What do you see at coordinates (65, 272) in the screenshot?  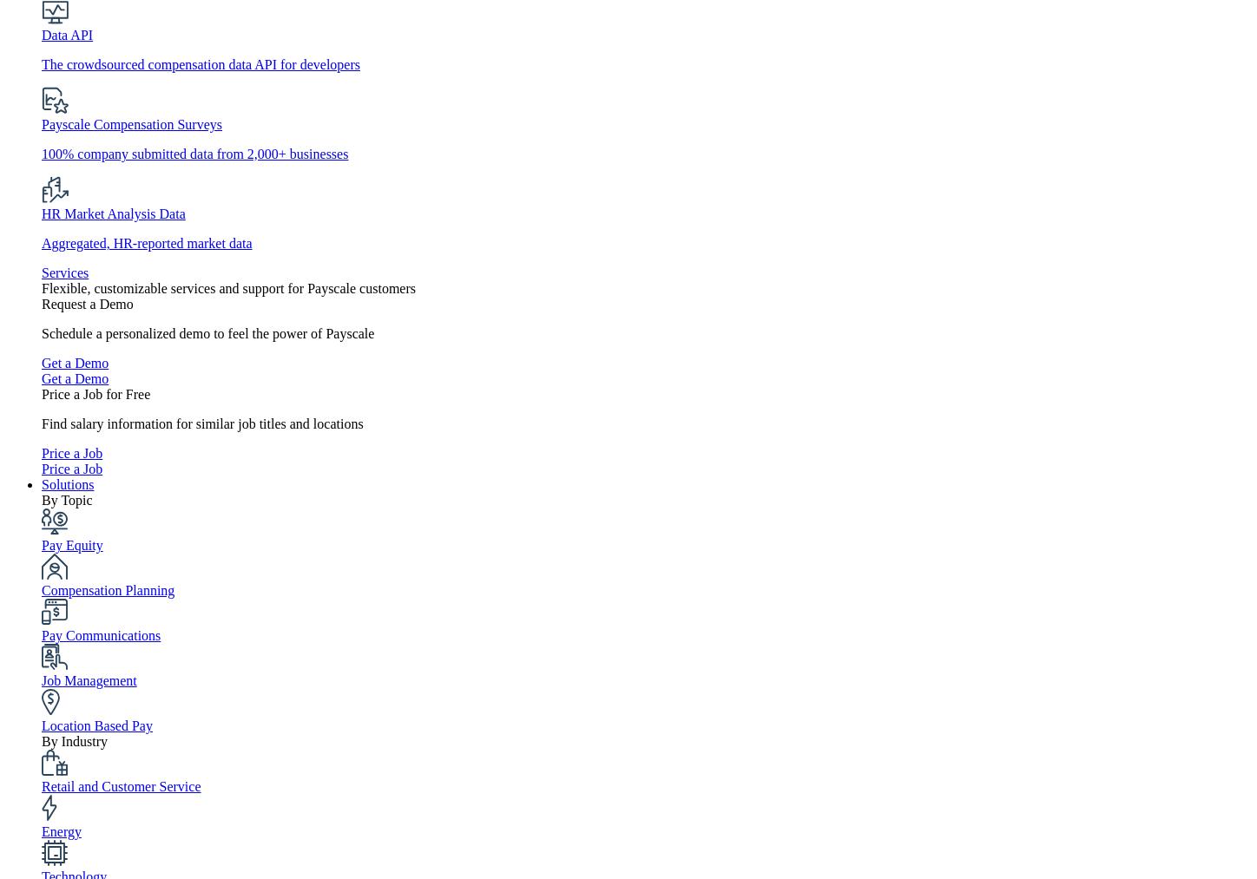 I see `'Services'` at bounding box center [65, 272].